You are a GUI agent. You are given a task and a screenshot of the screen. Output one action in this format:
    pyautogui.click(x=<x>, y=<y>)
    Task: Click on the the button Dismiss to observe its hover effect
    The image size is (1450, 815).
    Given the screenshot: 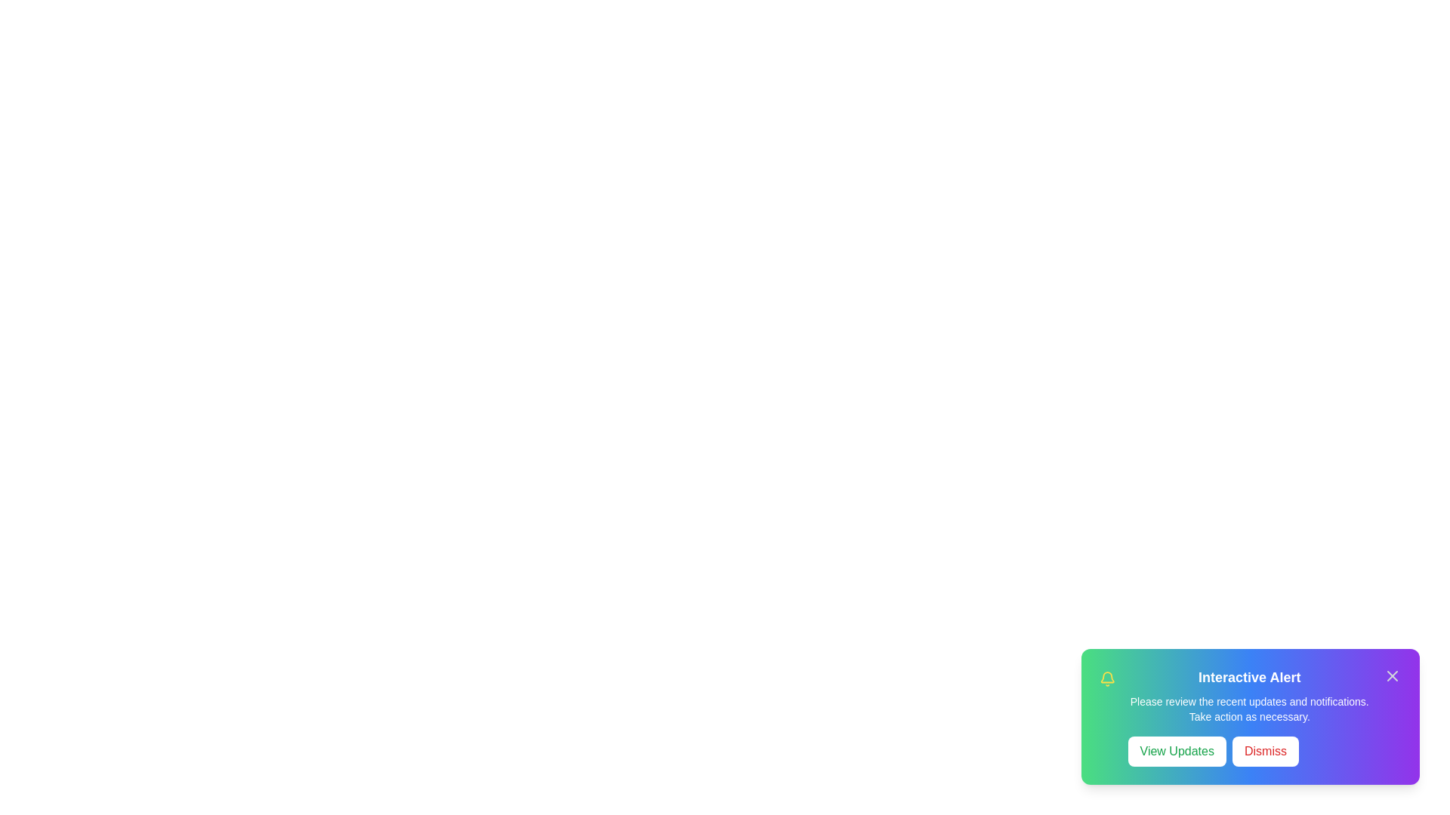 What is the action you would take?
    pyautogui.click(x=1265, y=751)
    